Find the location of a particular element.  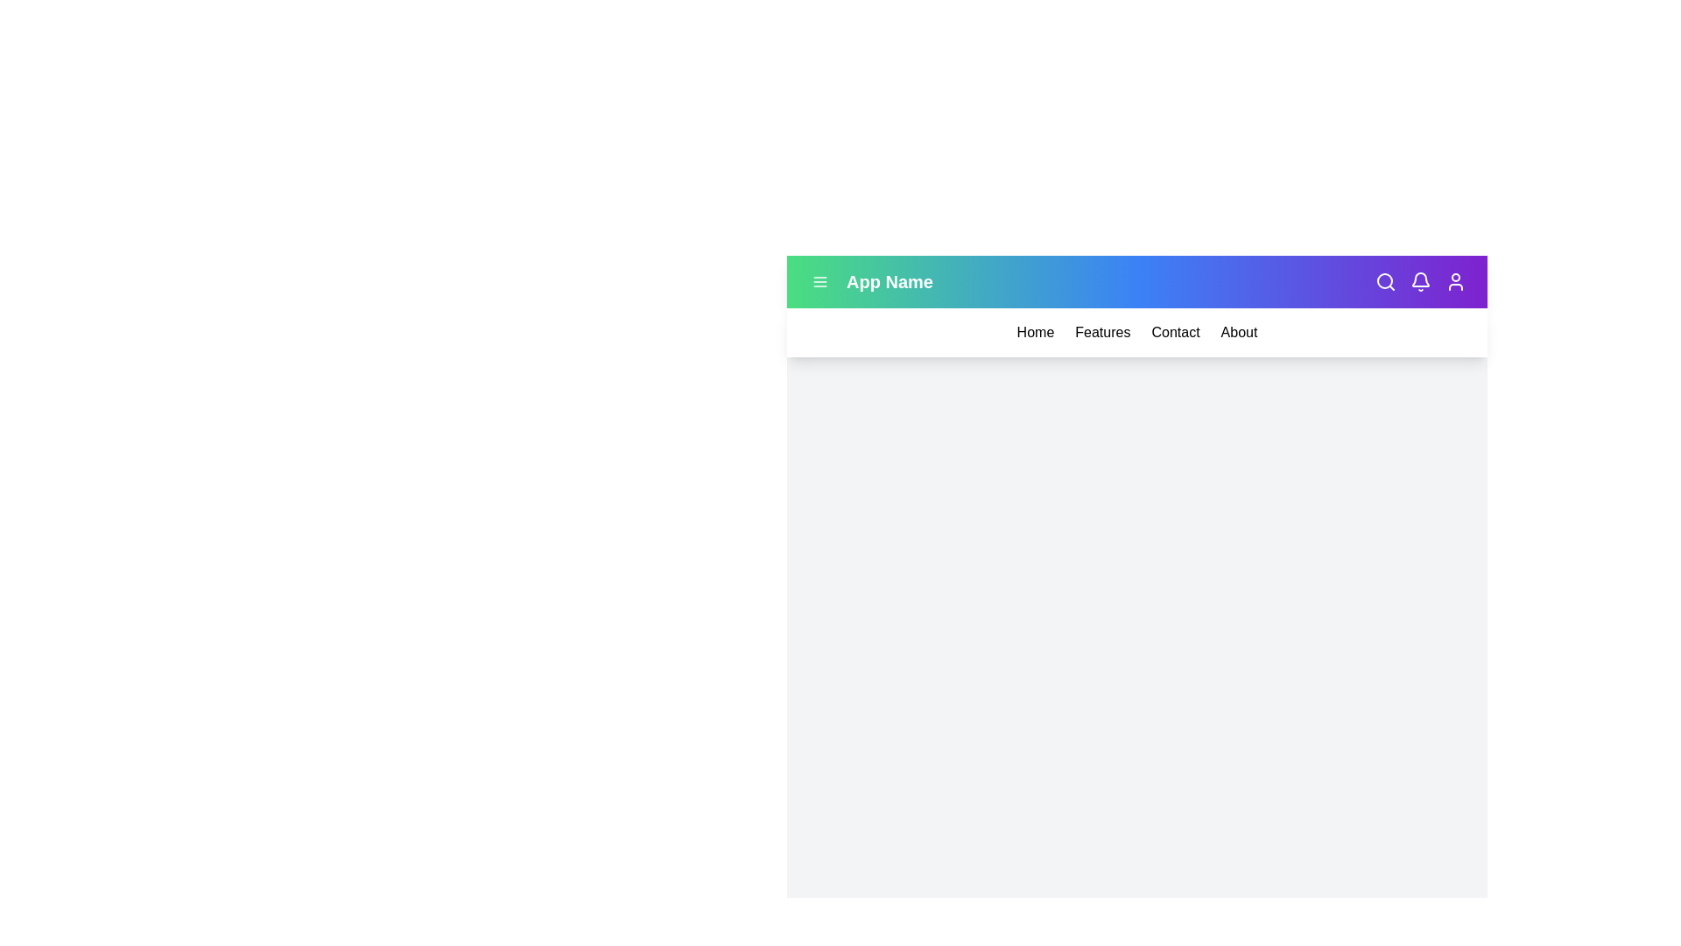

the 'Home' button in the navigation bar is located at coordinates (1035, 333).